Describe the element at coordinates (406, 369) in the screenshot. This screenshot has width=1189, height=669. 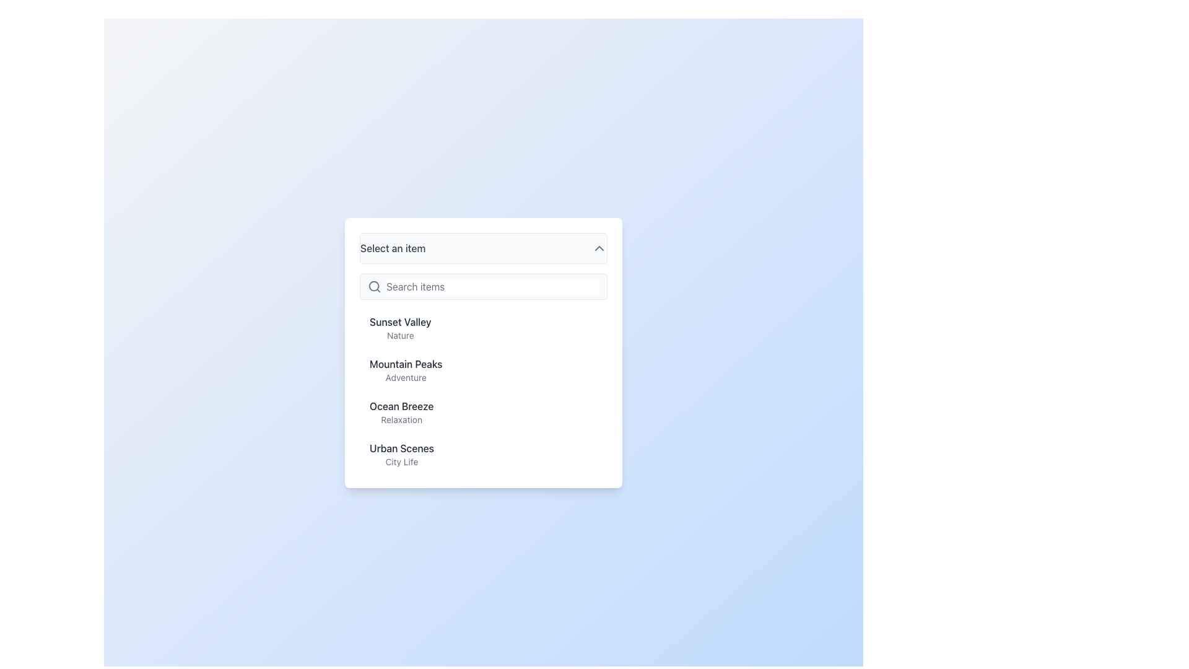
I see `the 'Mountain Peaks' text block in the dropdown list` at that location.